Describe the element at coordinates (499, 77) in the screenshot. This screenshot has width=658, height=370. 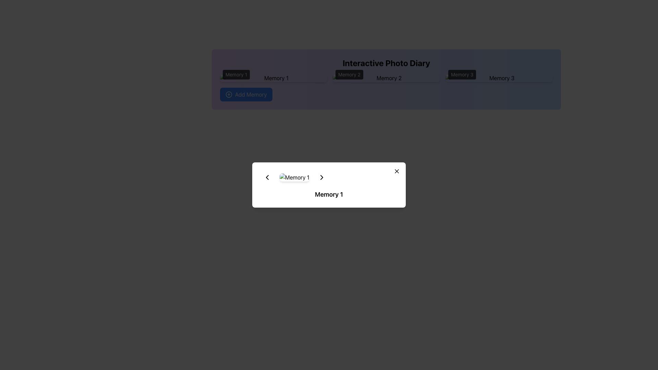
I see `the text label 'Memory 3', which is styled with a black background and white text, located at the bottom-left corner of an image thumbnail in a grid layout of three elements` at that location.